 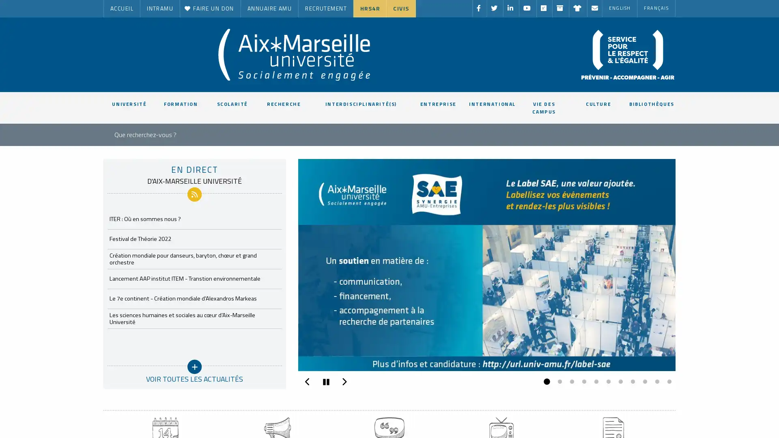 What do you see at coordinates (618, 382) in the screenshot?
I see `Go to slide 7` at bounding box center [618, 382].